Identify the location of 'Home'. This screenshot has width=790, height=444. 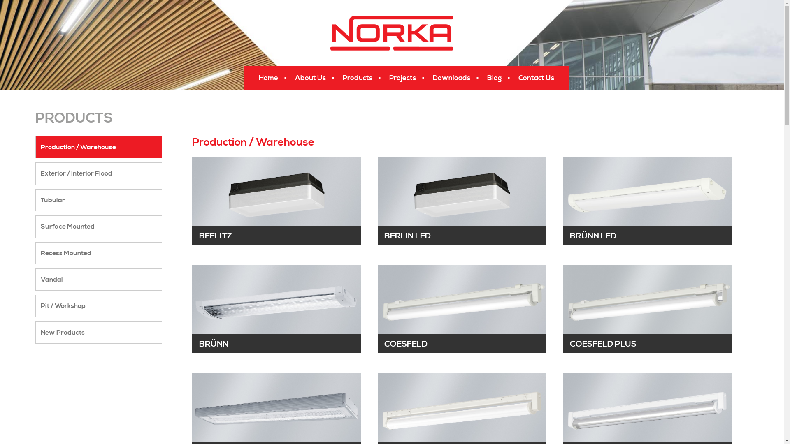
(269, 78).